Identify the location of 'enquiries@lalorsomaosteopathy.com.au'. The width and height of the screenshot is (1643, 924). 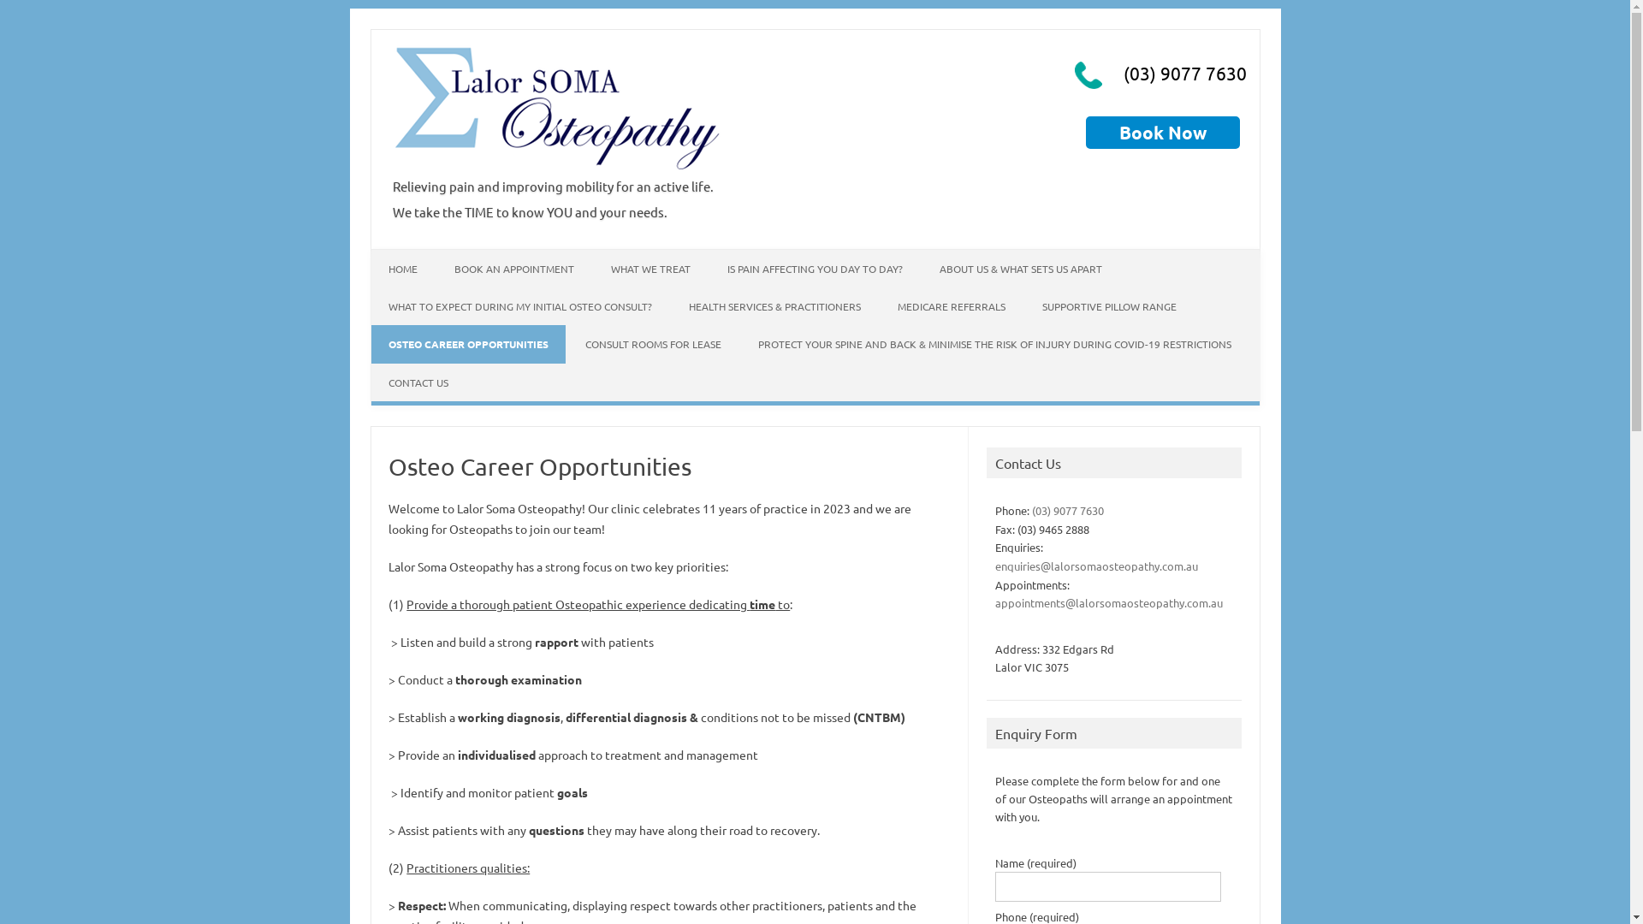
(1096, 566).